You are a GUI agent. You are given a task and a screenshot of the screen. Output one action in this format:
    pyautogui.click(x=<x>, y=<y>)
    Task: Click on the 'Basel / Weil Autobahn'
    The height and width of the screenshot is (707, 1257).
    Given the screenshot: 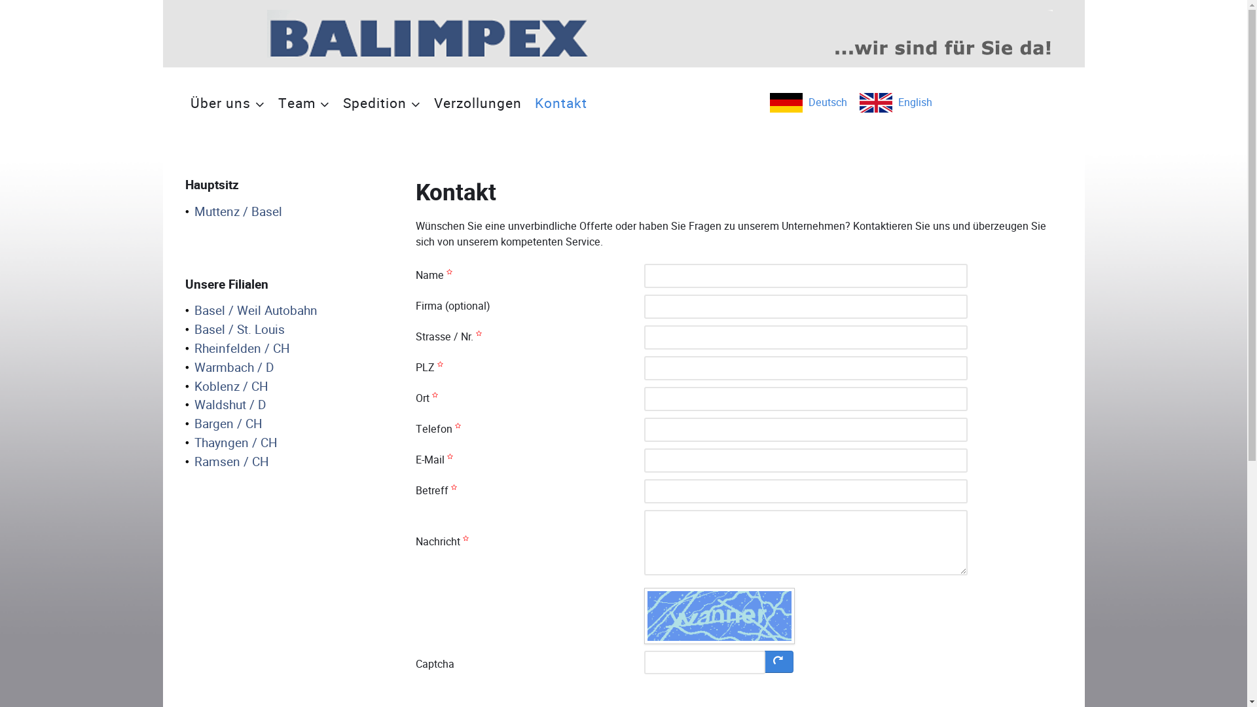 What is the action you would take?
    pyautogui.click(x=251, y=311)
    